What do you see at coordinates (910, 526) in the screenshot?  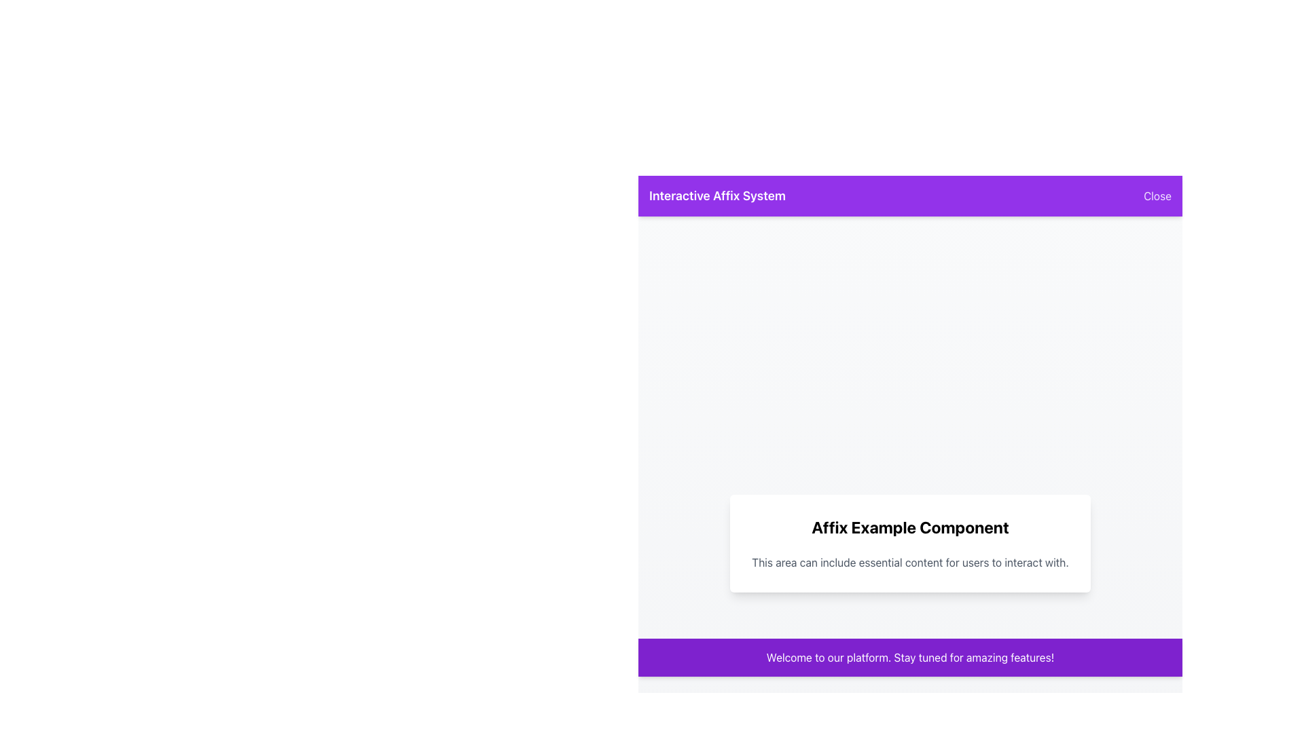 I see `the title text element located at the top center of the white card-like structure with a purple header and footer` at bounding box center [910, 526].